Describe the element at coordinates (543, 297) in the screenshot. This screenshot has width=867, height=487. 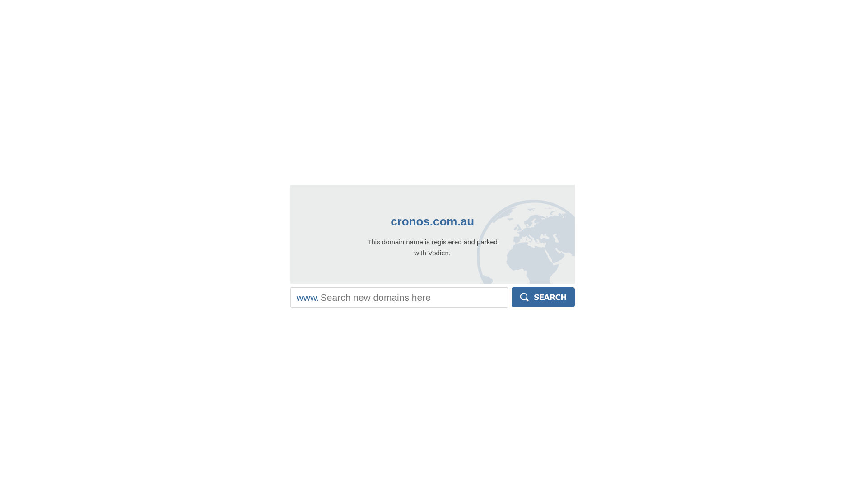
I see `'Search'` at that location.